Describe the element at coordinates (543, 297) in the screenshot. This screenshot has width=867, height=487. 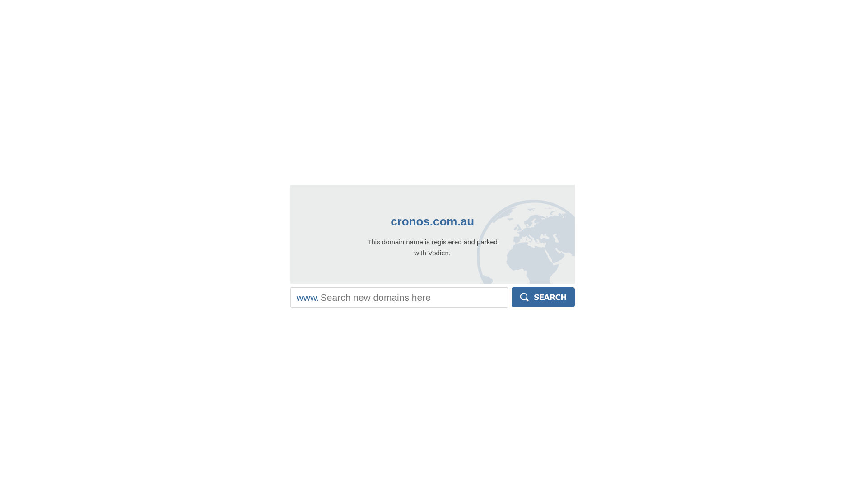
I see `'Search'` at that location.